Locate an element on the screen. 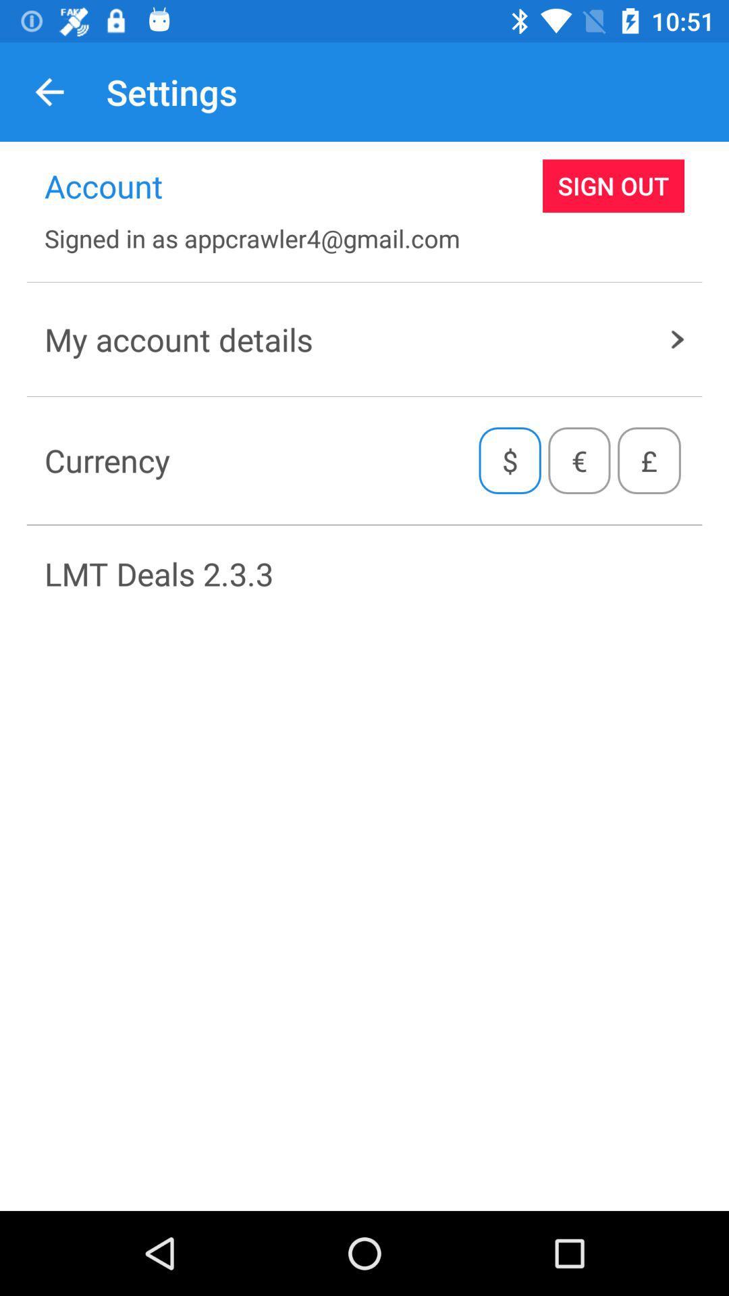 The image size is (729, 1296). item to the right of the currency is located at coordinates (510, 460).